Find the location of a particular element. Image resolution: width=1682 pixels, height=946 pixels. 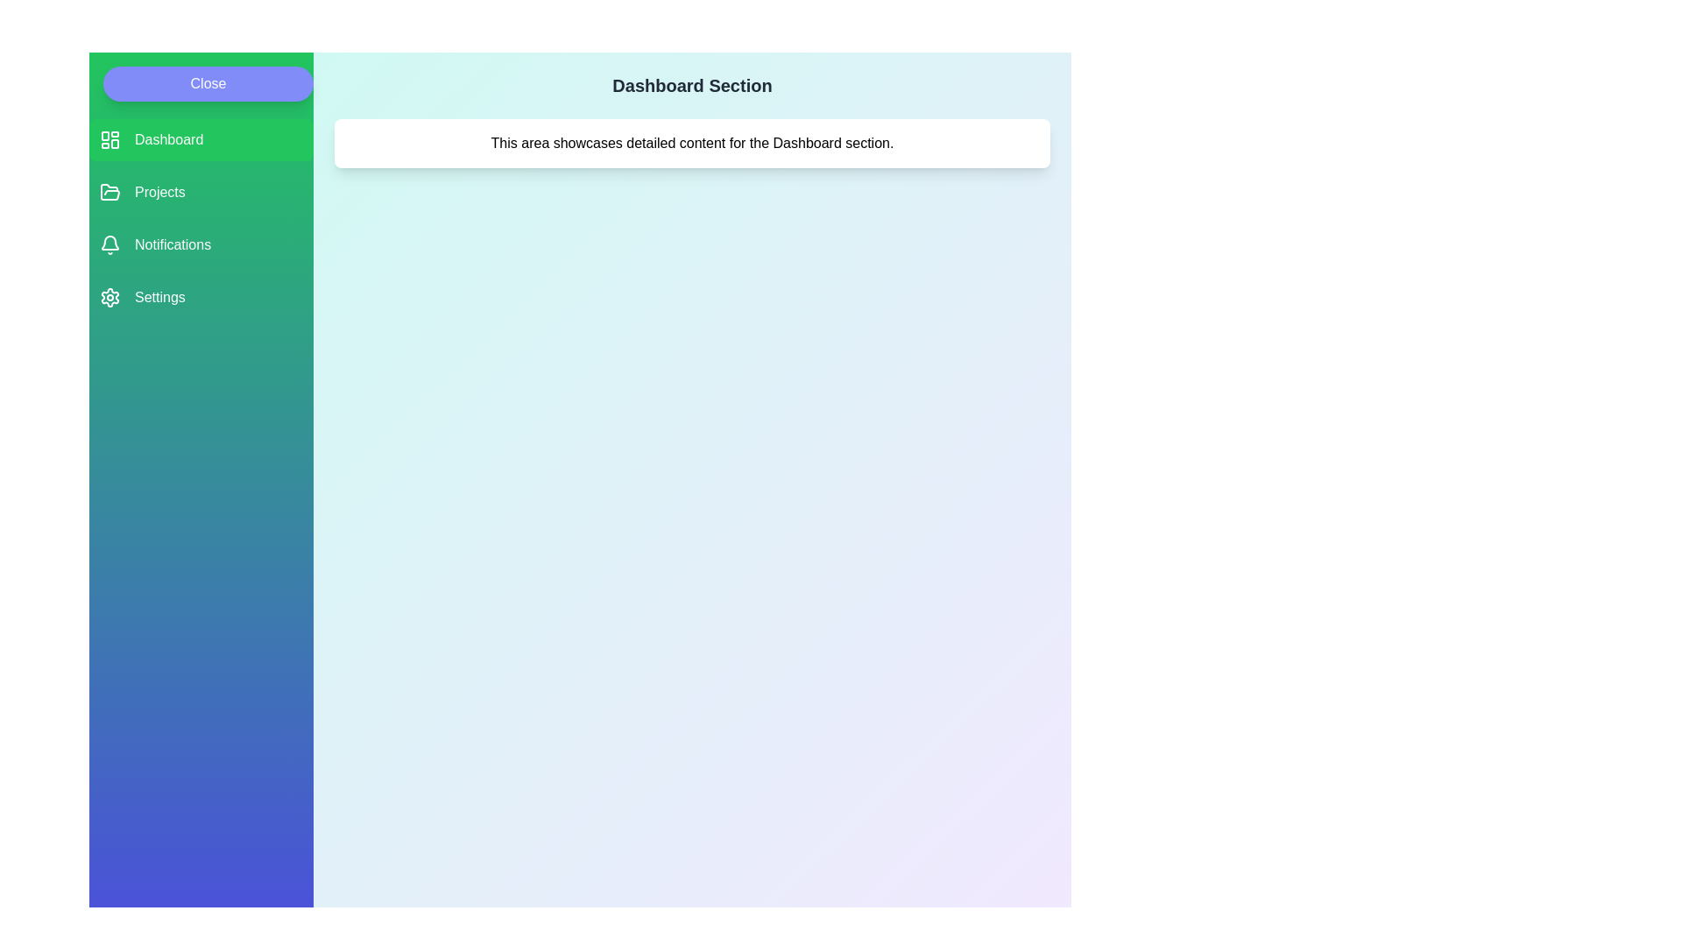

the menu item corresponding to Notifications to switch the active section is located at coordinates (201, 245).